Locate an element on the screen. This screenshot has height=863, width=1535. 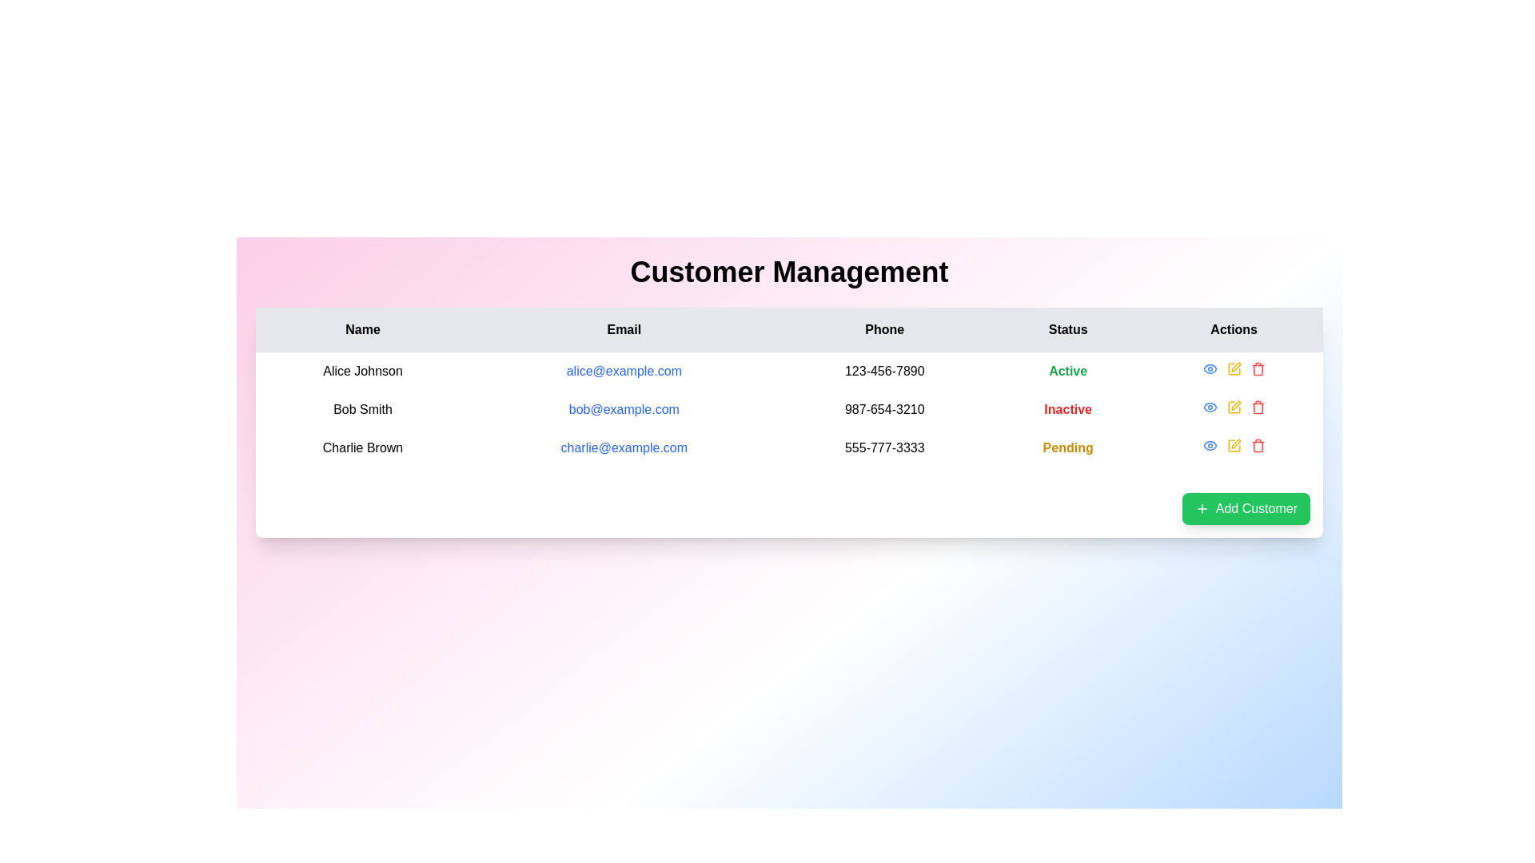
the yellow pencil icon is located at coordinates (1233, 369).